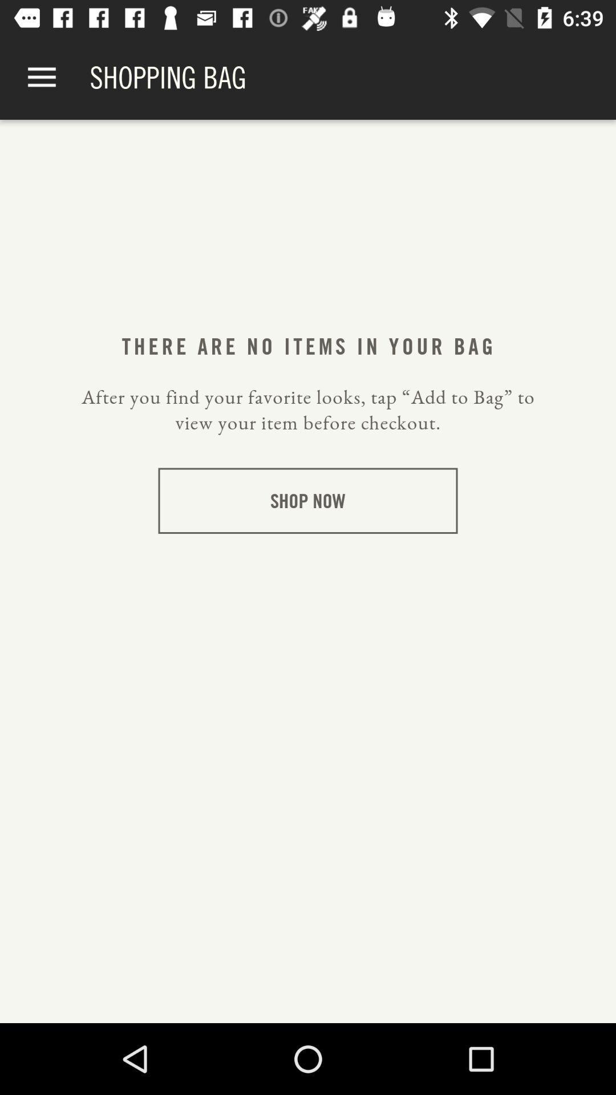 This screenshot has height=1095, width=616. Describe the element at coordinates (308, 501) in the screenshot. I see `shop now item` at that location.